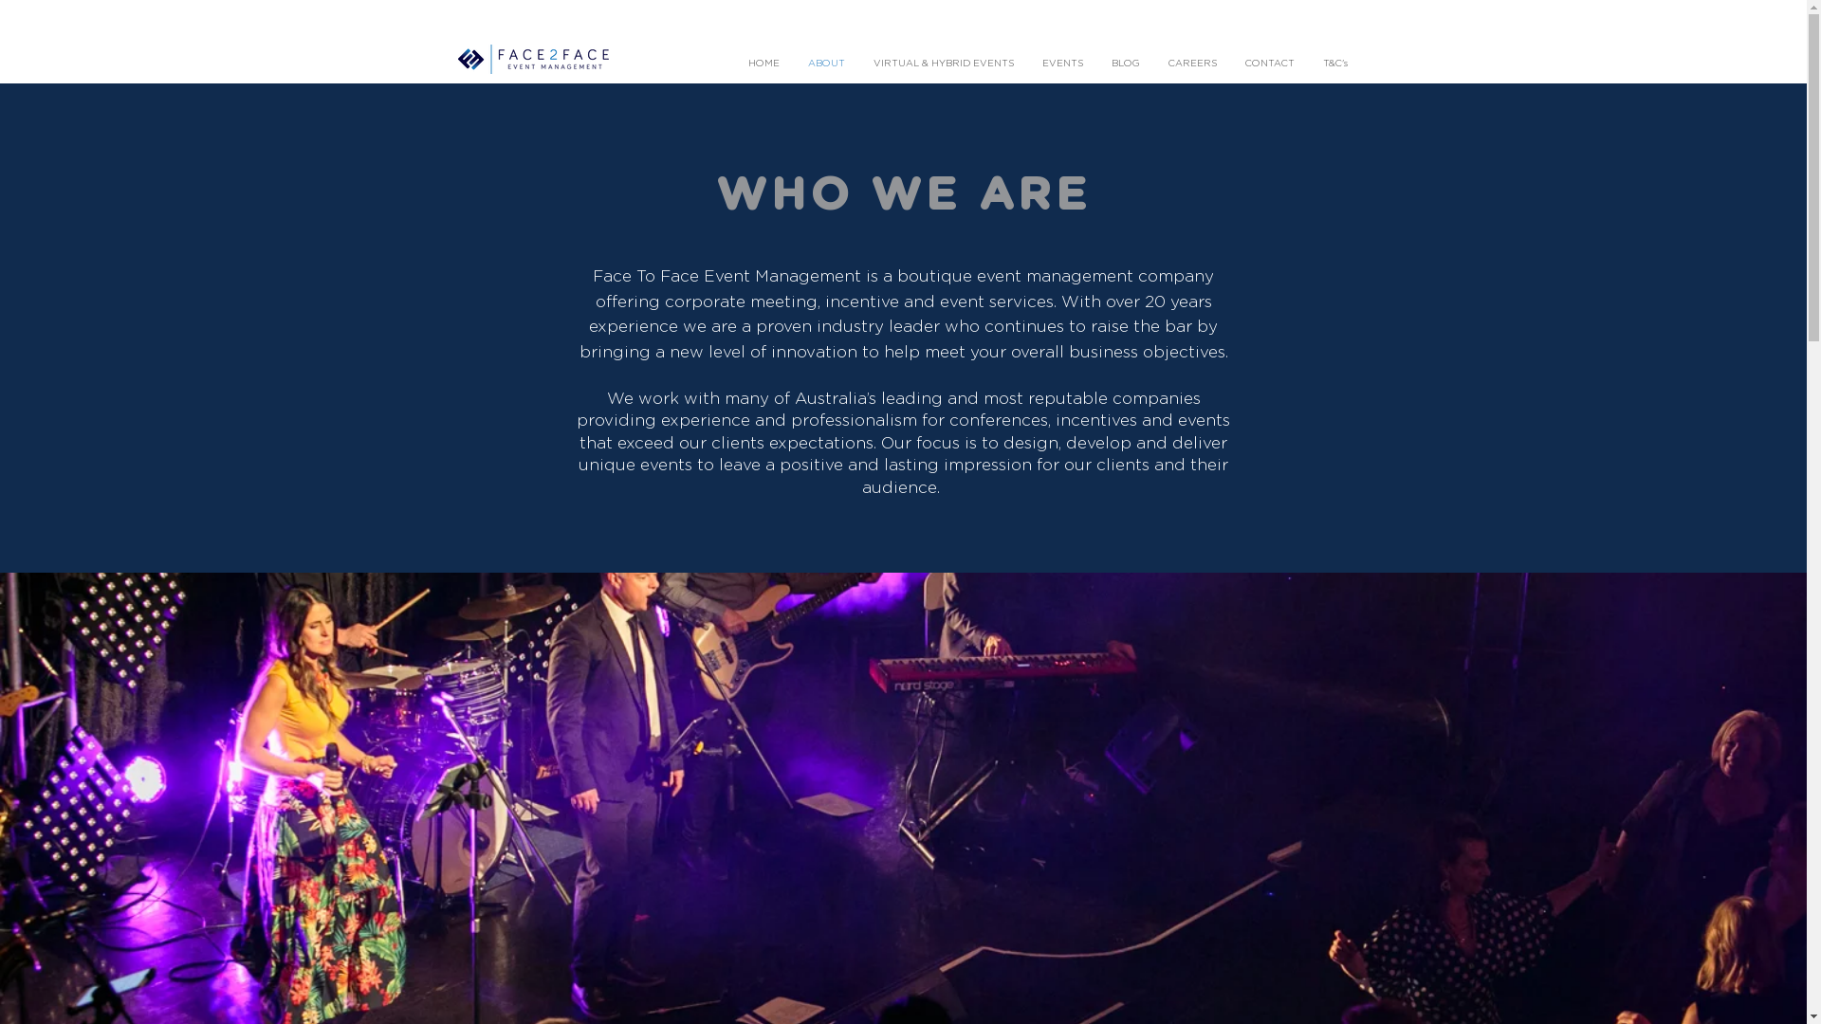 The height and width of the screenshot is (1024, 1821). I want to click on 'CAREERS', so click(1190, 63).